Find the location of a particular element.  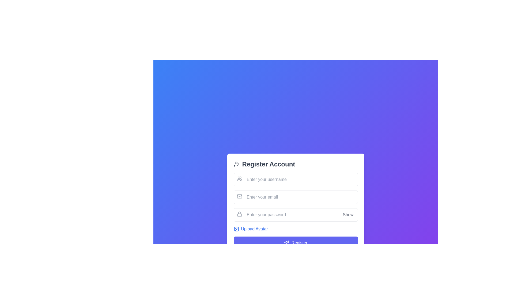

the submit button located at the bottom of the form is located at coordinates (295, 243).